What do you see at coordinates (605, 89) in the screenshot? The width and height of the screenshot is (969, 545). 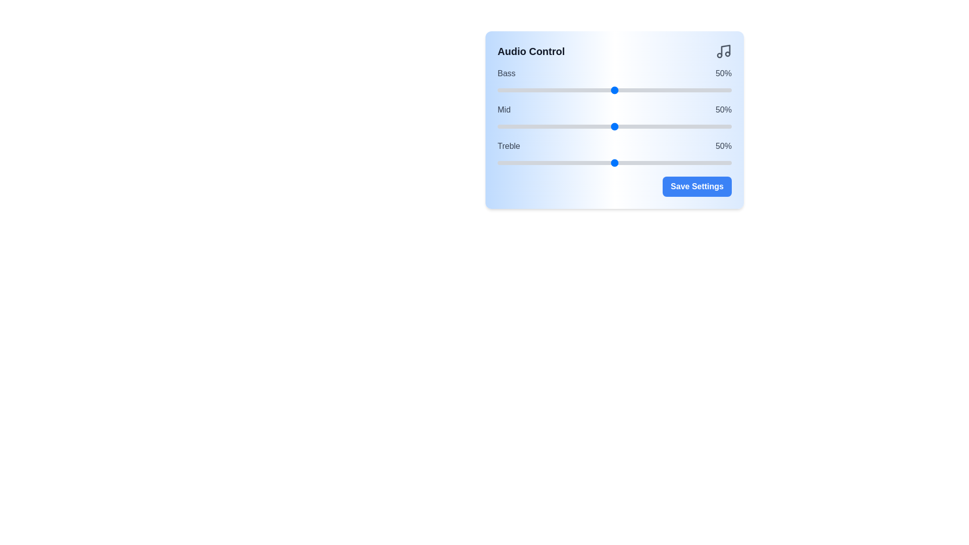 I see `the bass slider to 46%` at bounding box center [605, 89].